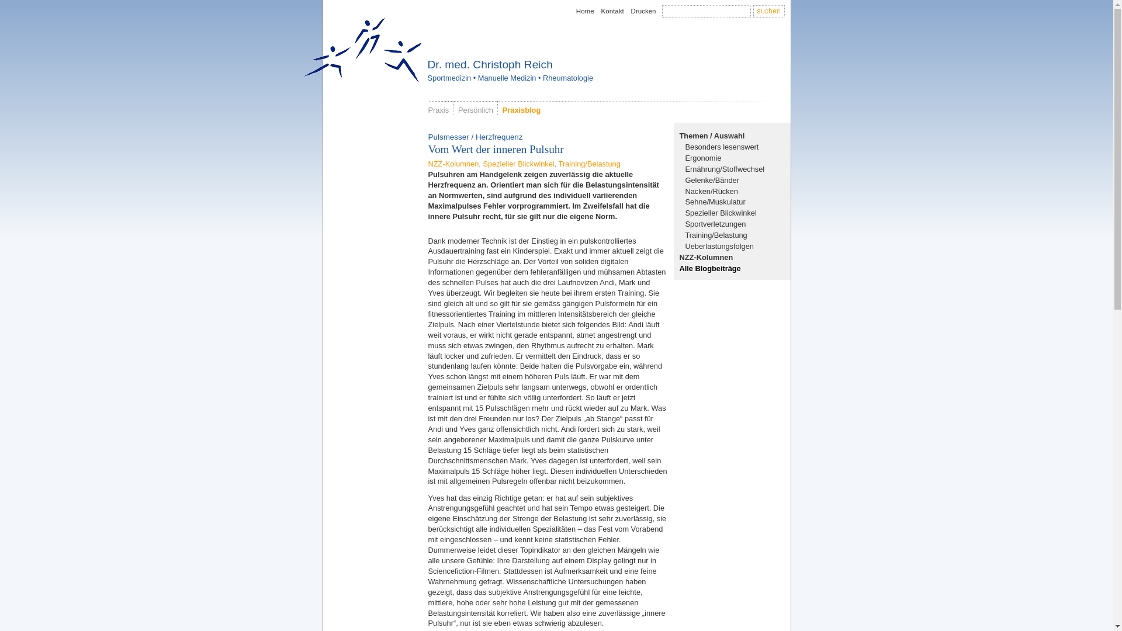 The width and height of the screenshot is (1122, 631). I want to click on 'NZZ-Kolumnen', so click(705, 256).